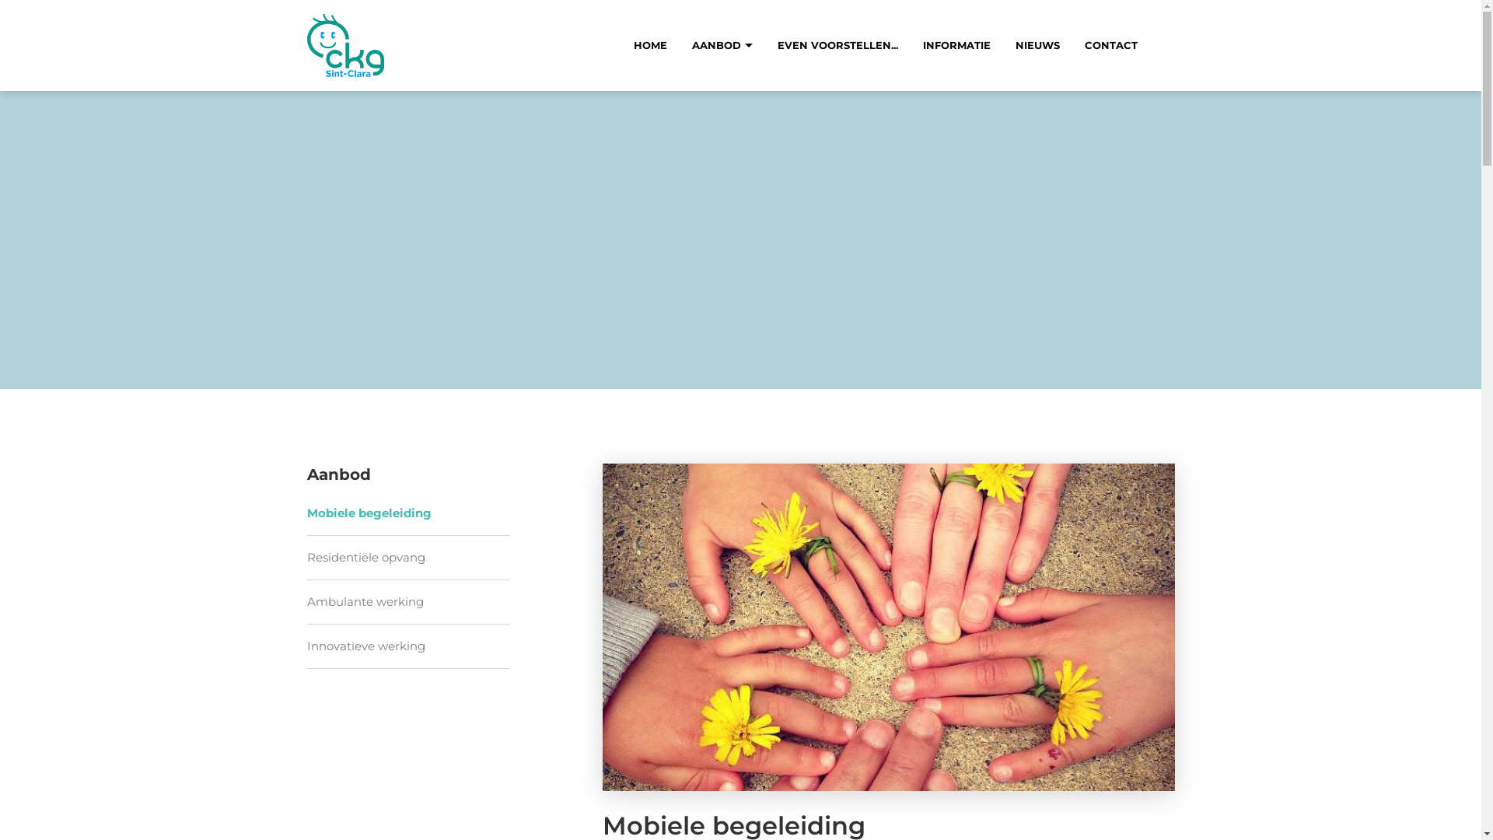 This screenshot has width=1493, height=840. Describe the element at coordinates (955, 44) in the screenshot. I see `'INFORMATIE'` at that location.